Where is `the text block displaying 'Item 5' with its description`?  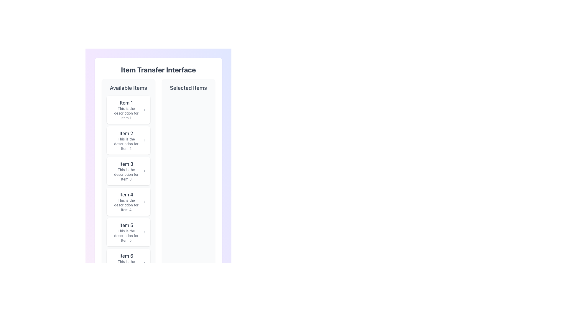 the text block displaying 'Item 5' with its description is located at coordinates (126, 232).